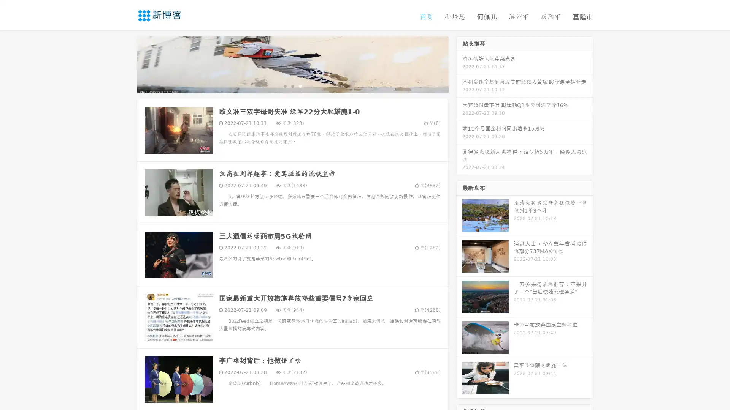 The height and width of the screenshot is (410, 730). What do you see at coordinates (125, 64) in the screenshot?
I see `Previous slide` at bounding box center [125, 64].